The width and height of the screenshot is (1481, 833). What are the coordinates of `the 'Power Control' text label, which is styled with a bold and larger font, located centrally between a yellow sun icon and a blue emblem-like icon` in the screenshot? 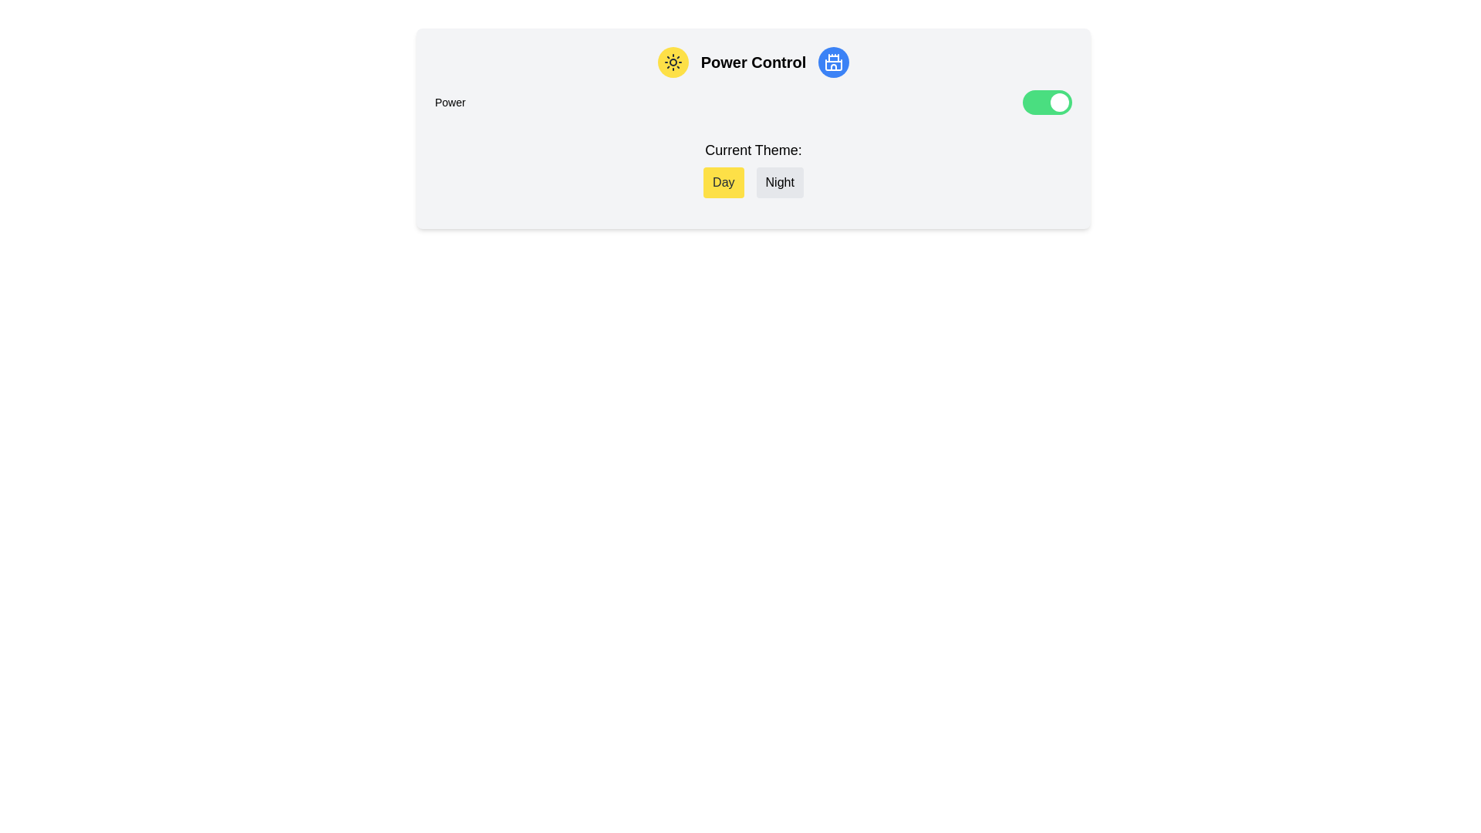 It's located at (753, 62).